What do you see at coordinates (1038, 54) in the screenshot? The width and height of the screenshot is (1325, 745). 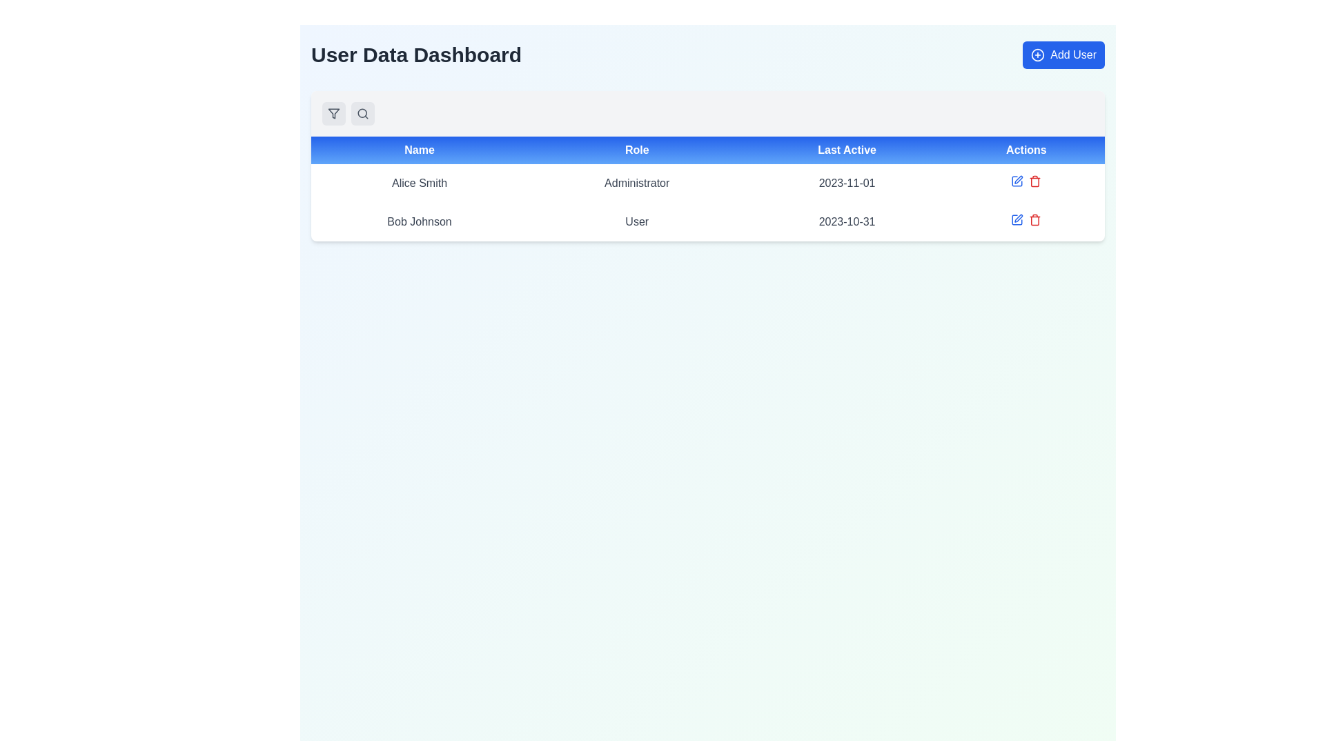 I see `the graphical SVG circle that is part of the '+' icon for accessibility purposes, located near the 'Add User' button in the top right section of the interface` at bounding box center [1038, 54].